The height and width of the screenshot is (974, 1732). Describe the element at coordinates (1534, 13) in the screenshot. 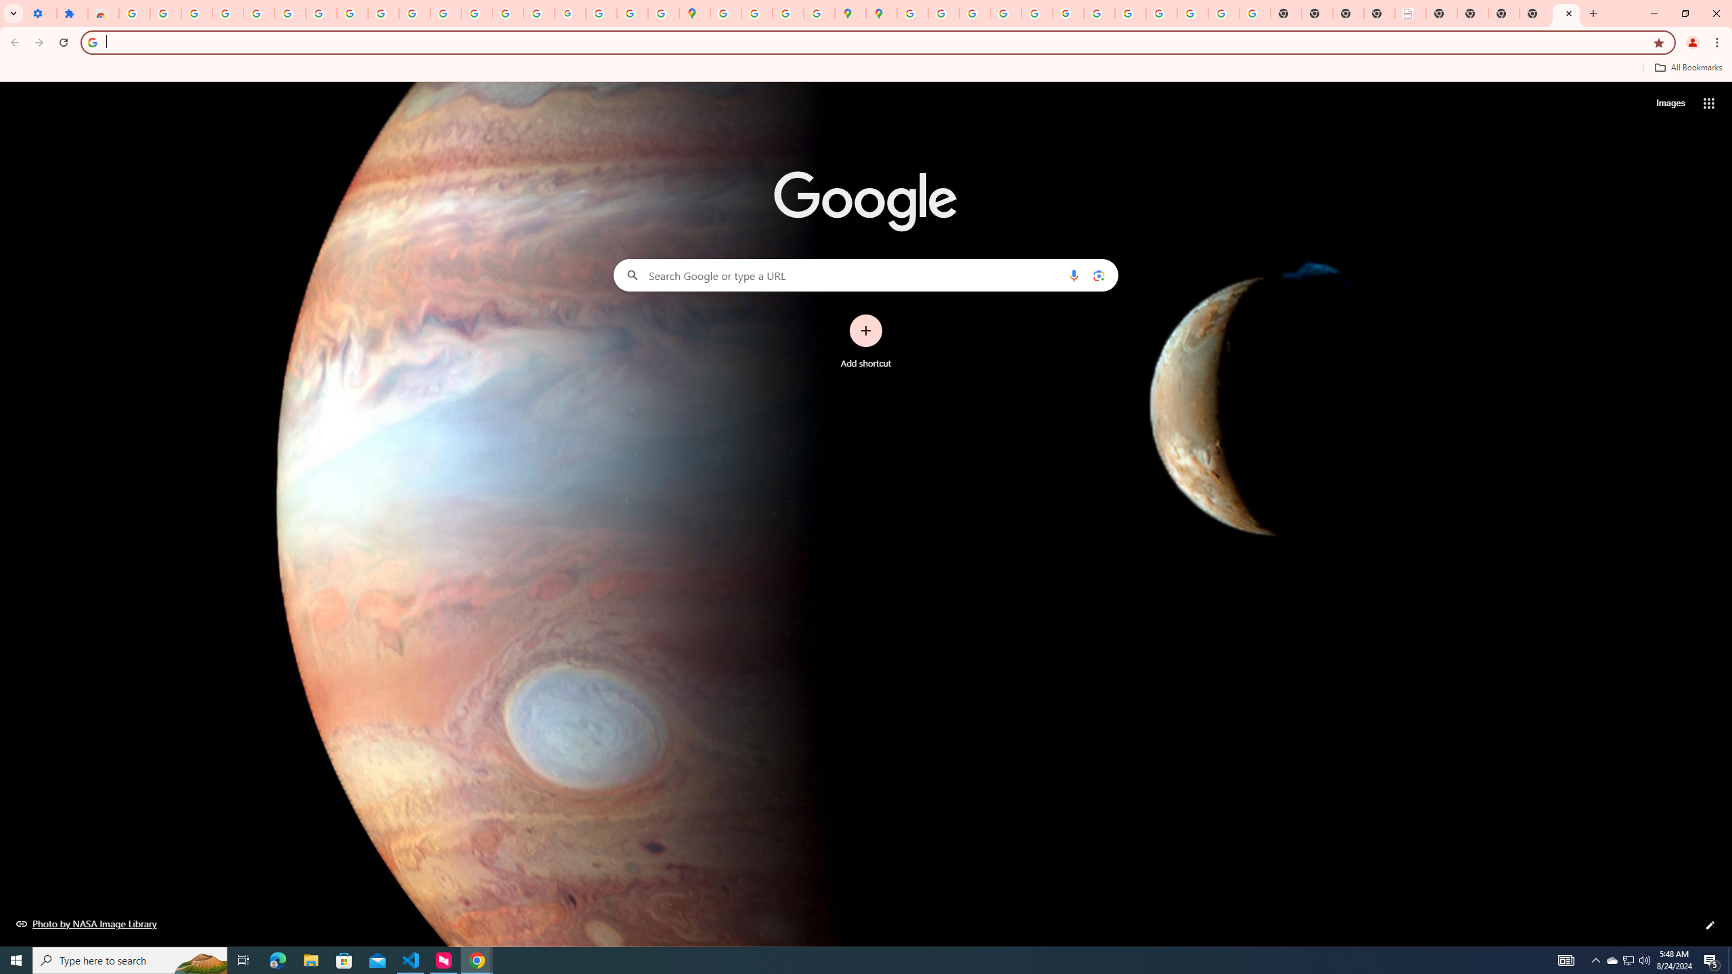

I see `'New Tab'` at that location.